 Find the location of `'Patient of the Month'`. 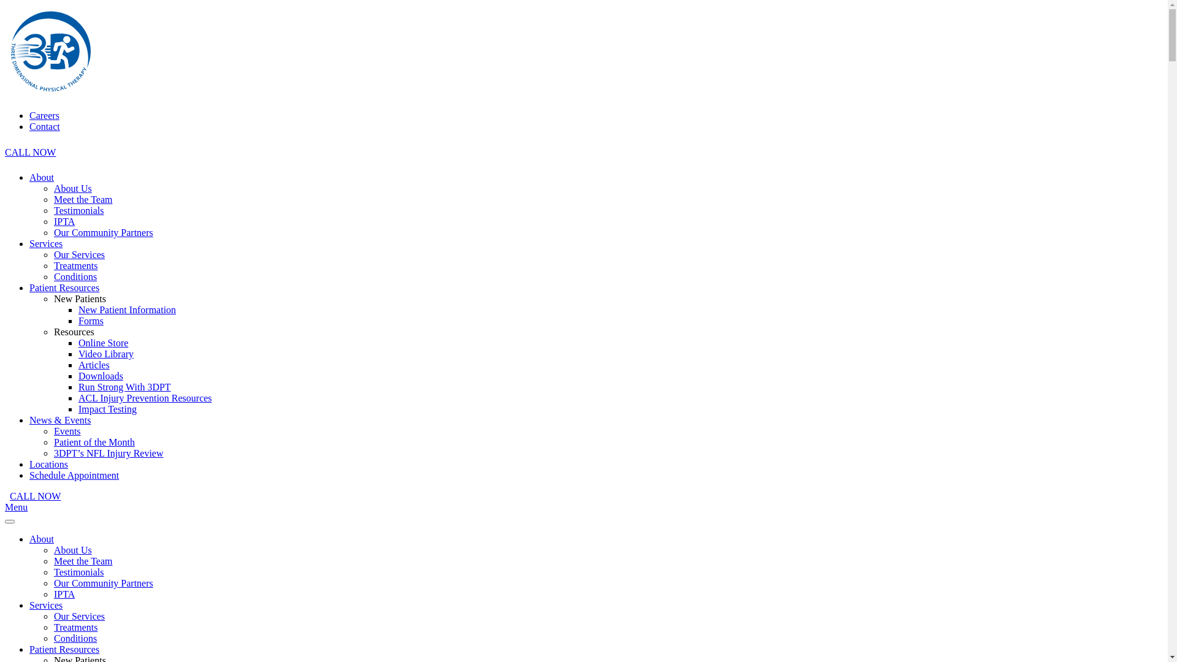

'Patient of the Month' is located at coordinates (93, 442).